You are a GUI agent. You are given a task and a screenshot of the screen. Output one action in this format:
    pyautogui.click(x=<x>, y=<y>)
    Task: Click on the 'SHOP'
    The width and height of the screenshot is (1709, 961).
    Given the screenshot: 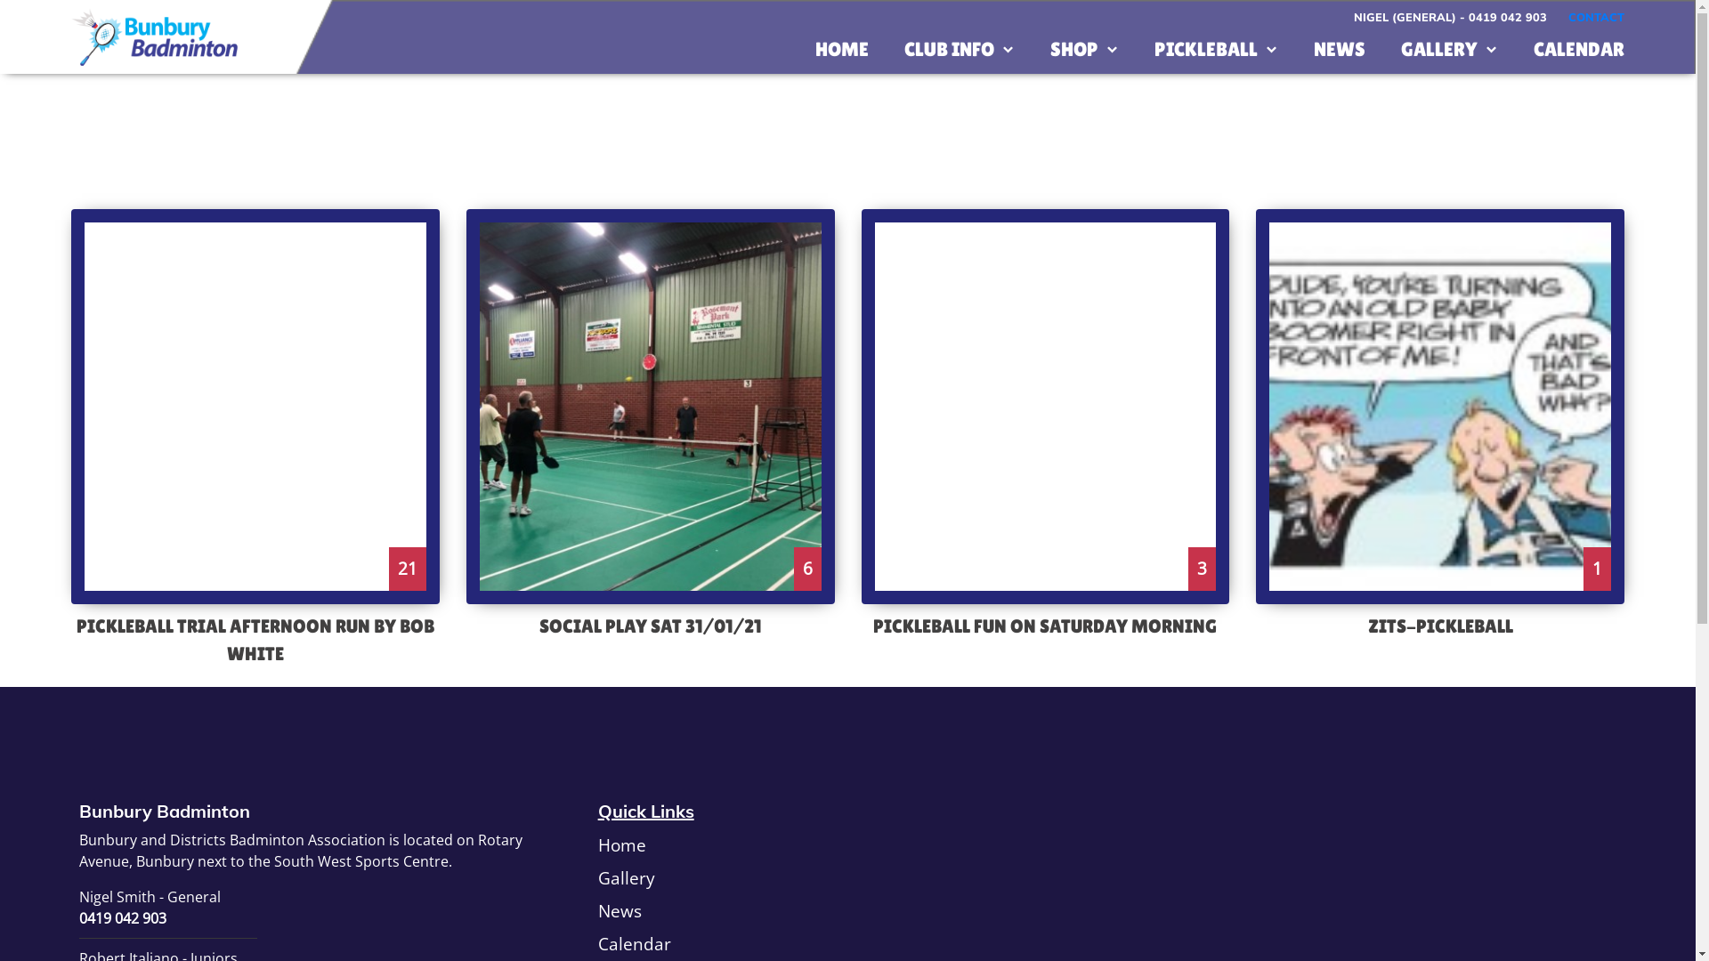 What is the action you would take?
    pyautogui.click(x=1083, y=49)
    